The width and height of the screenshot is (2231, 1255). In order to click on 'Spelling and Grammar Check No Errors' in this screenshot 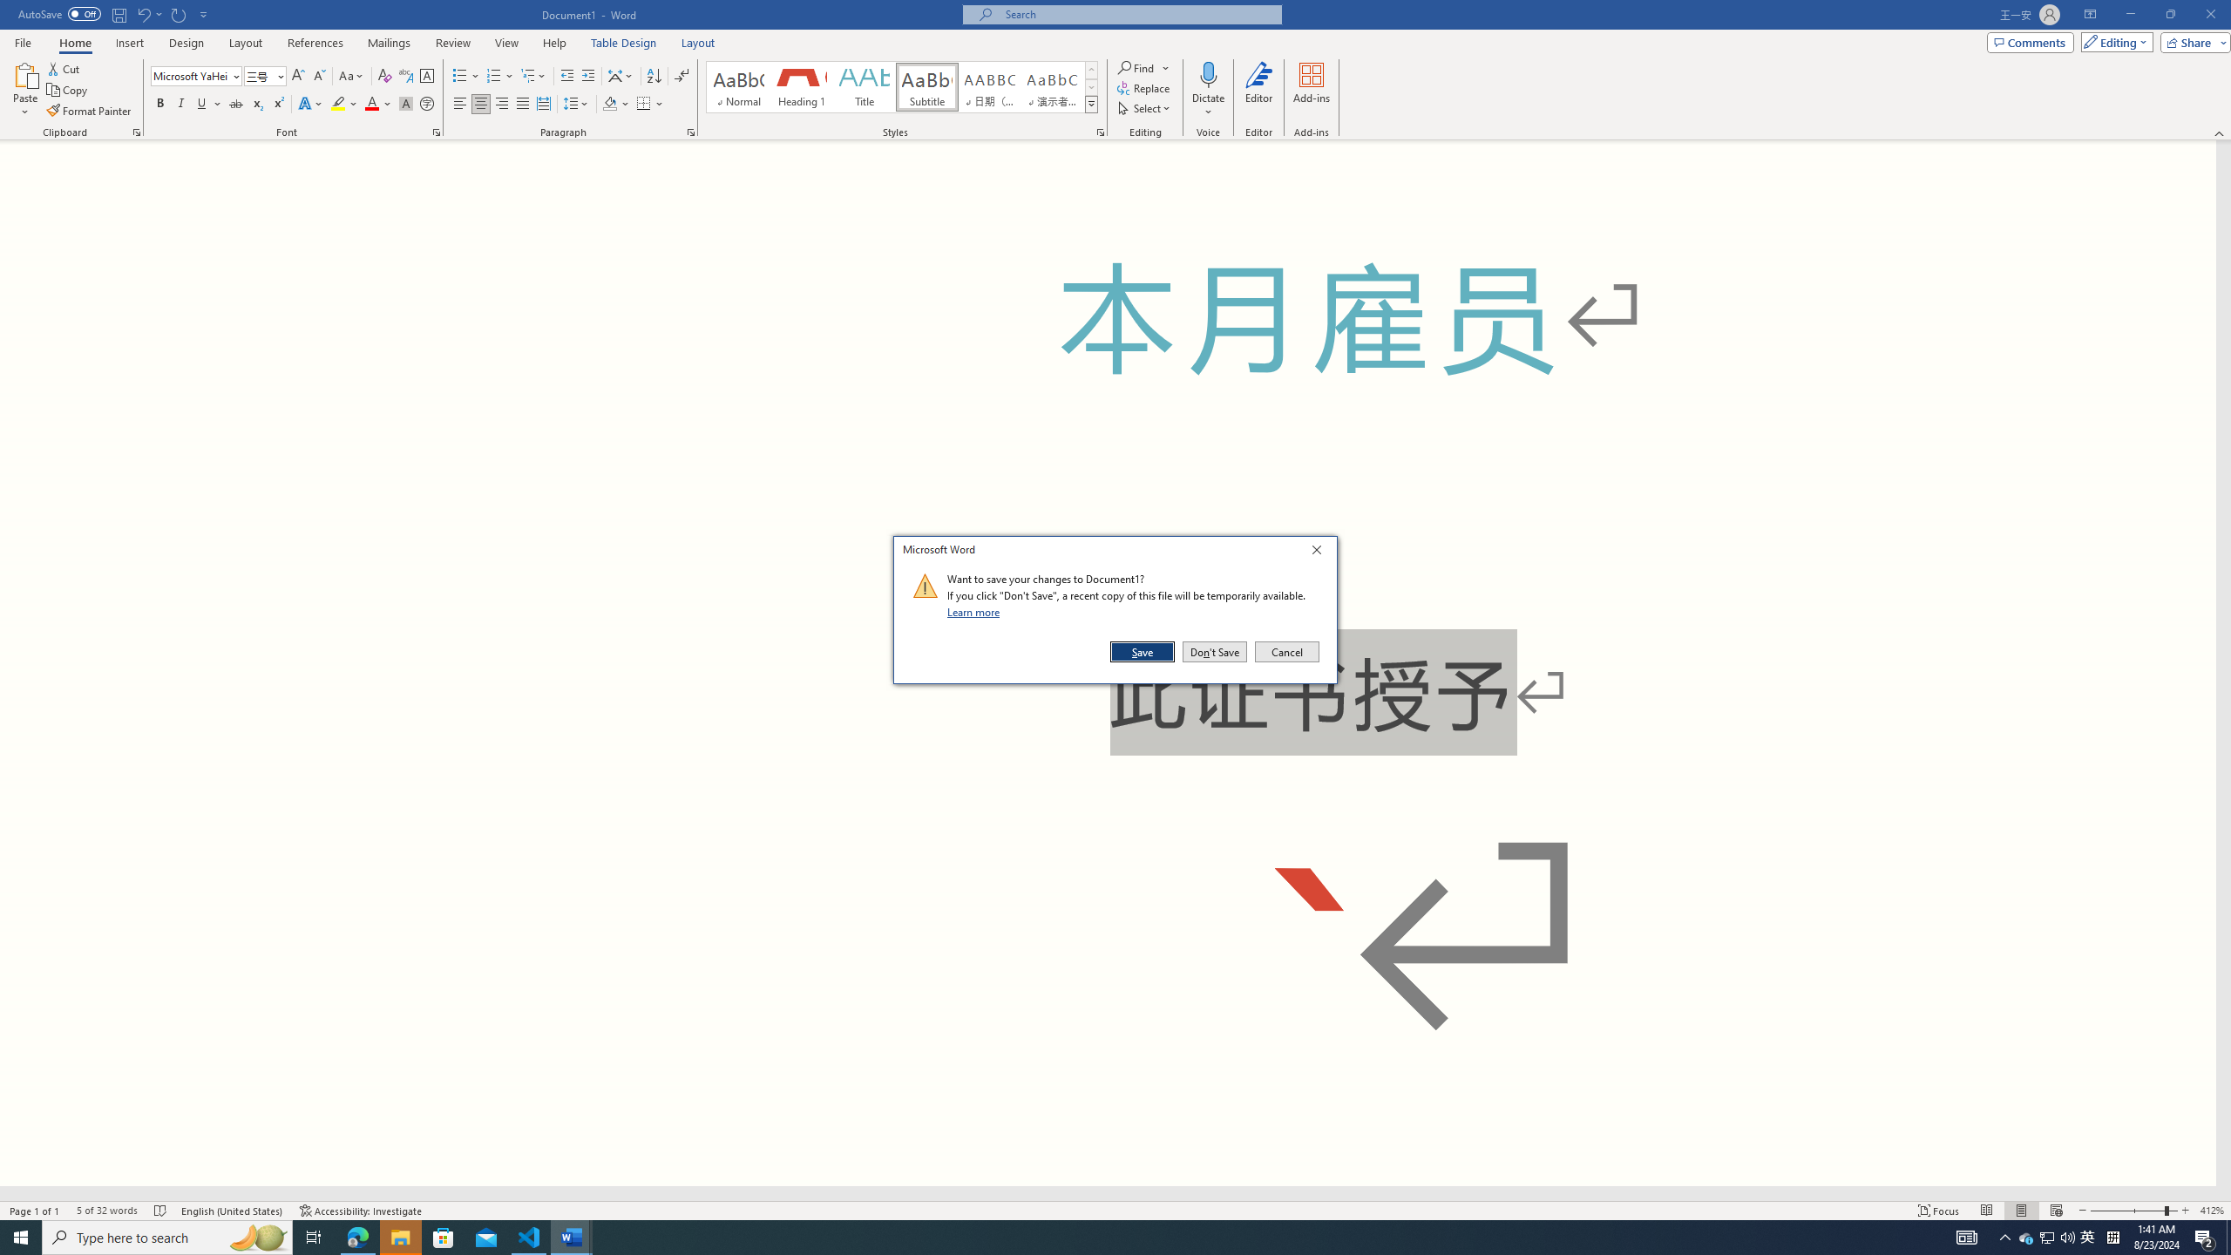, I will do `click(160, 1211)`.